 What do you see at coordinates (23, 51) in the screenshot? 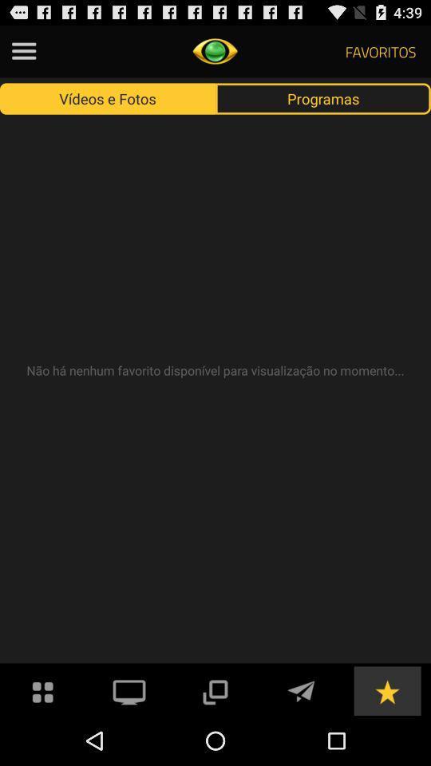
I see `stinting` at bounding box center [23, 51].